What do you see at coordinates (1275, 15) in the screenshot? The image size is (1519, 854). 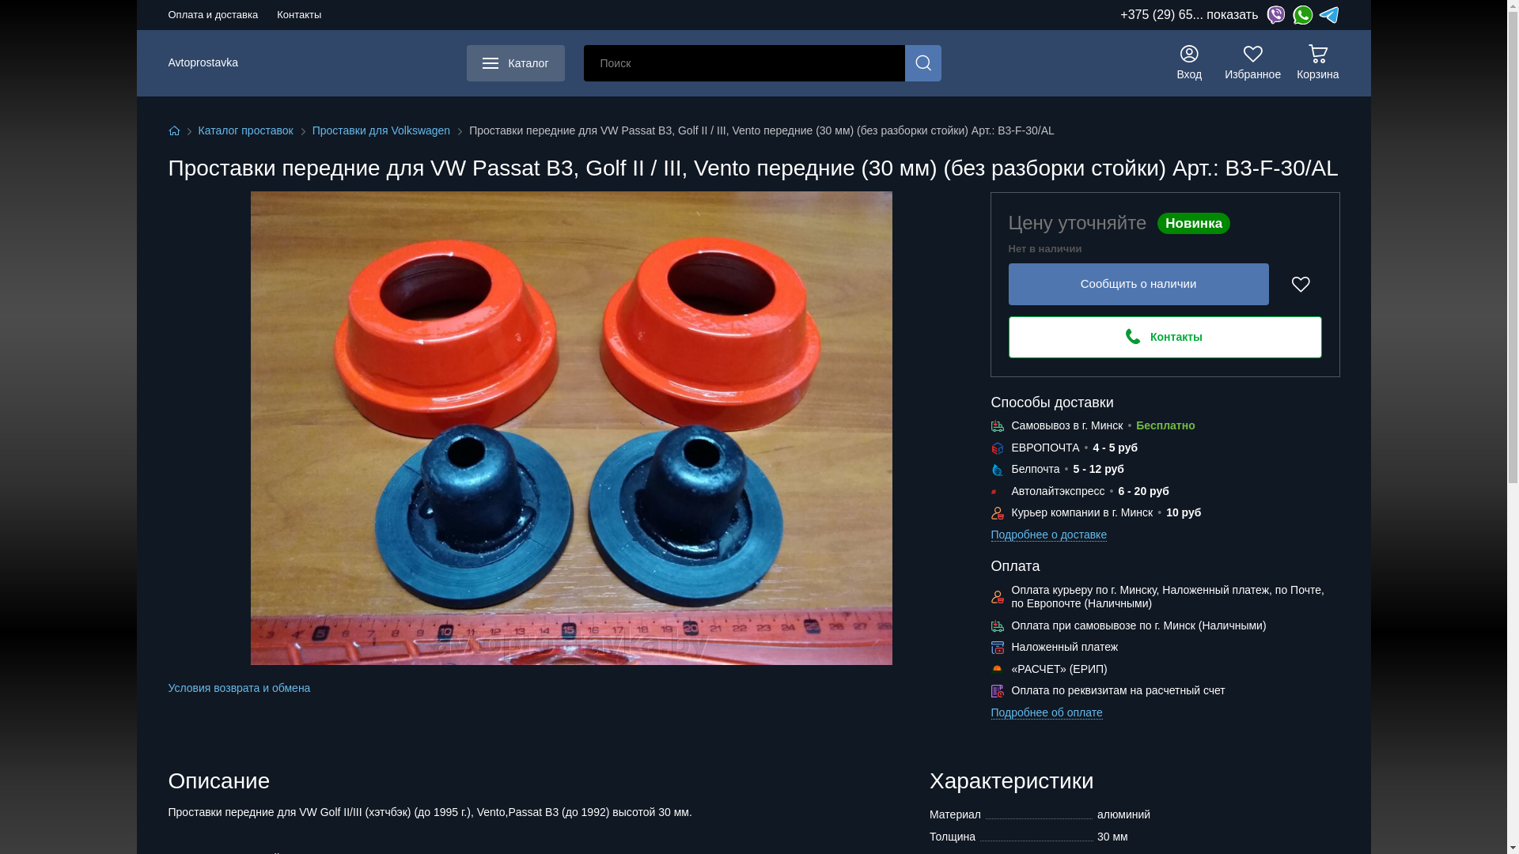 I see `'Viber'` at bounding box center [1275, 15].